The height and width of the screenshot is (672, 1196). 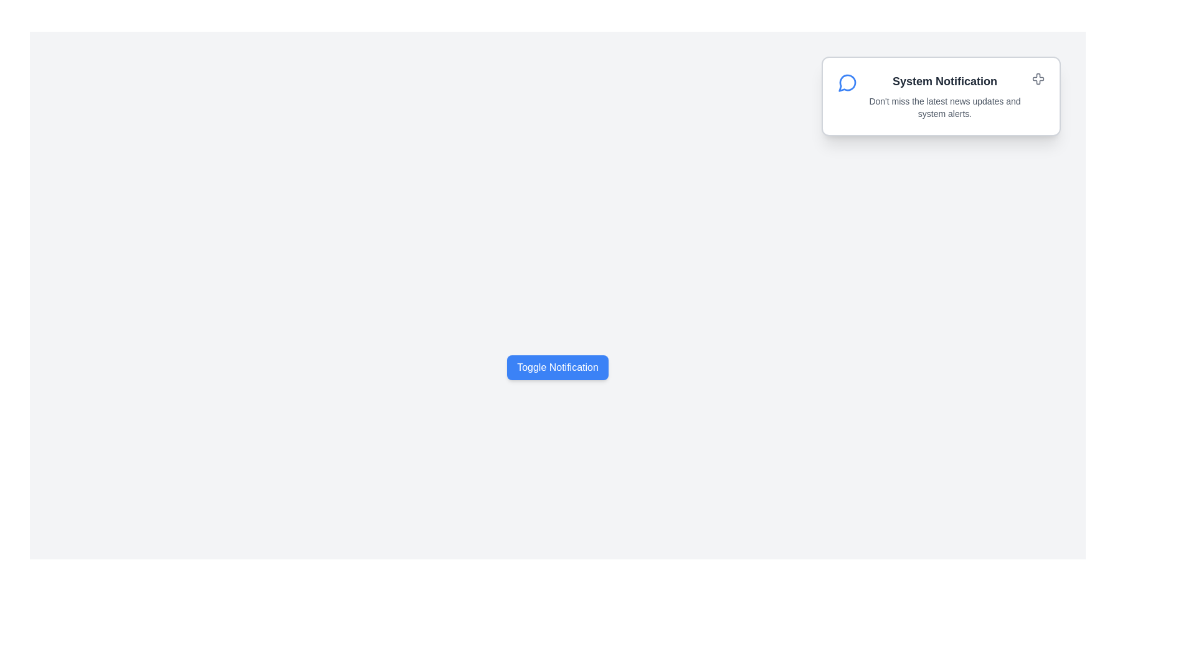 I want to click on message displayed in the Text Label element that says 'Don't miss the latest news updates and system alerts', which is styled with smaller, light gray text and positioned beneath the bold title 'System Notification', so click(x=944, y=107).